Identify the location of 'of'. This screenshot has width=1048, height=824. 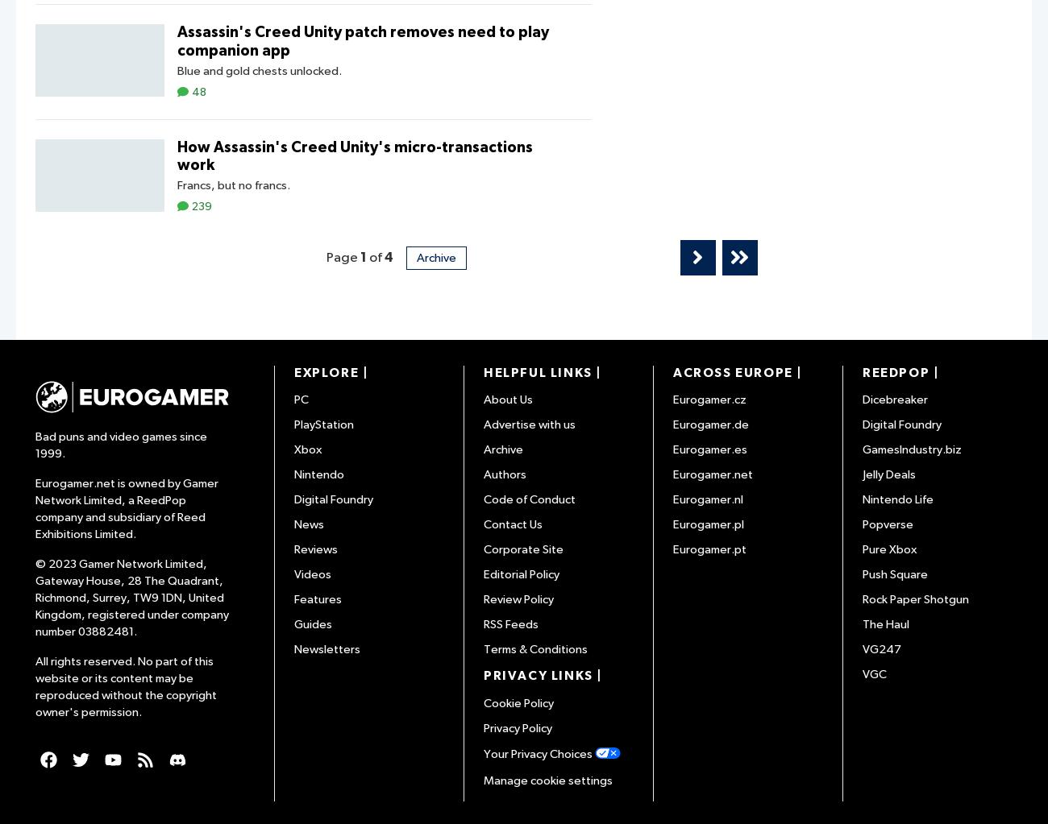
(375, 257).